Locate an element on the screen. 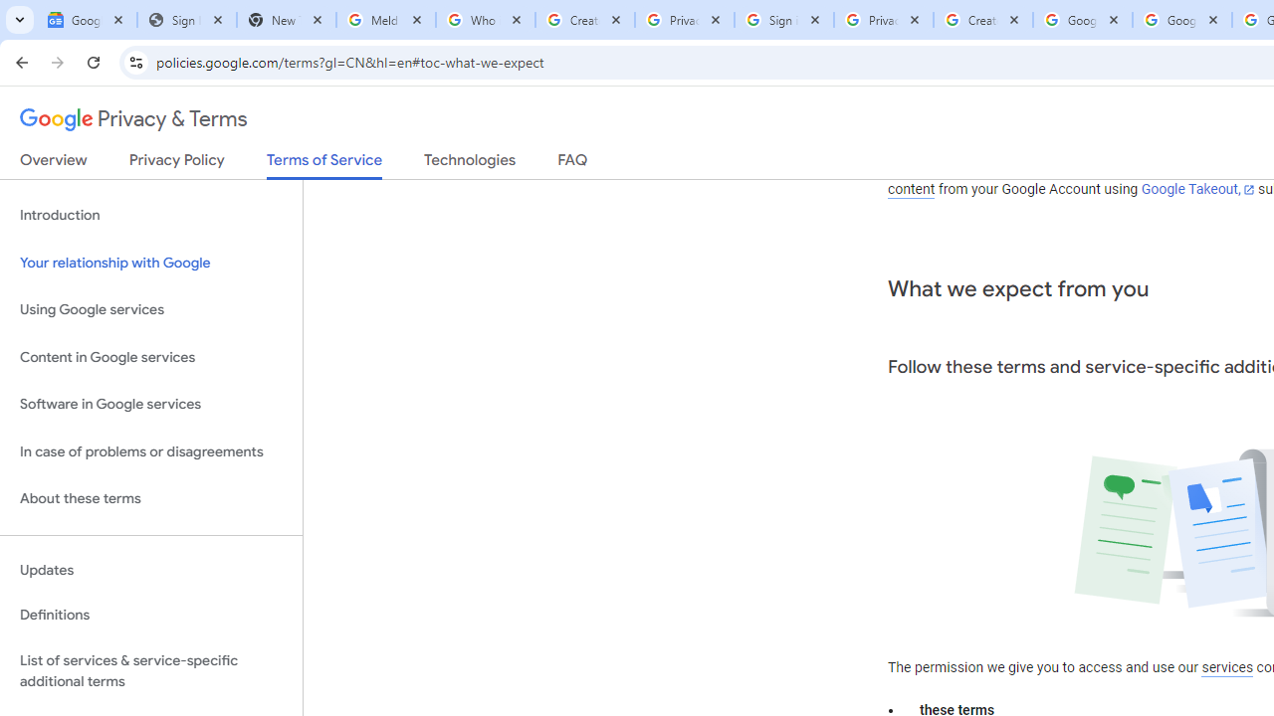 The height and width of the screenshot is (716, 1274). 'Privacy Policy' is located at coordinates (176, 163).